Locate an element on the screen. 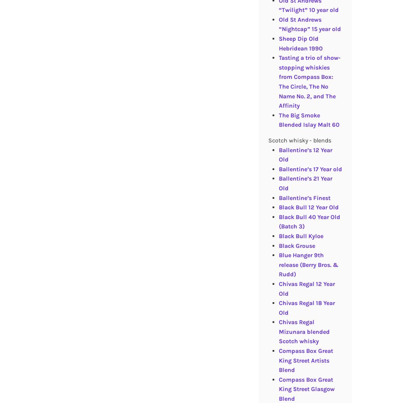  'Black Bull Kyloe' is located at coordinates (300, 235).